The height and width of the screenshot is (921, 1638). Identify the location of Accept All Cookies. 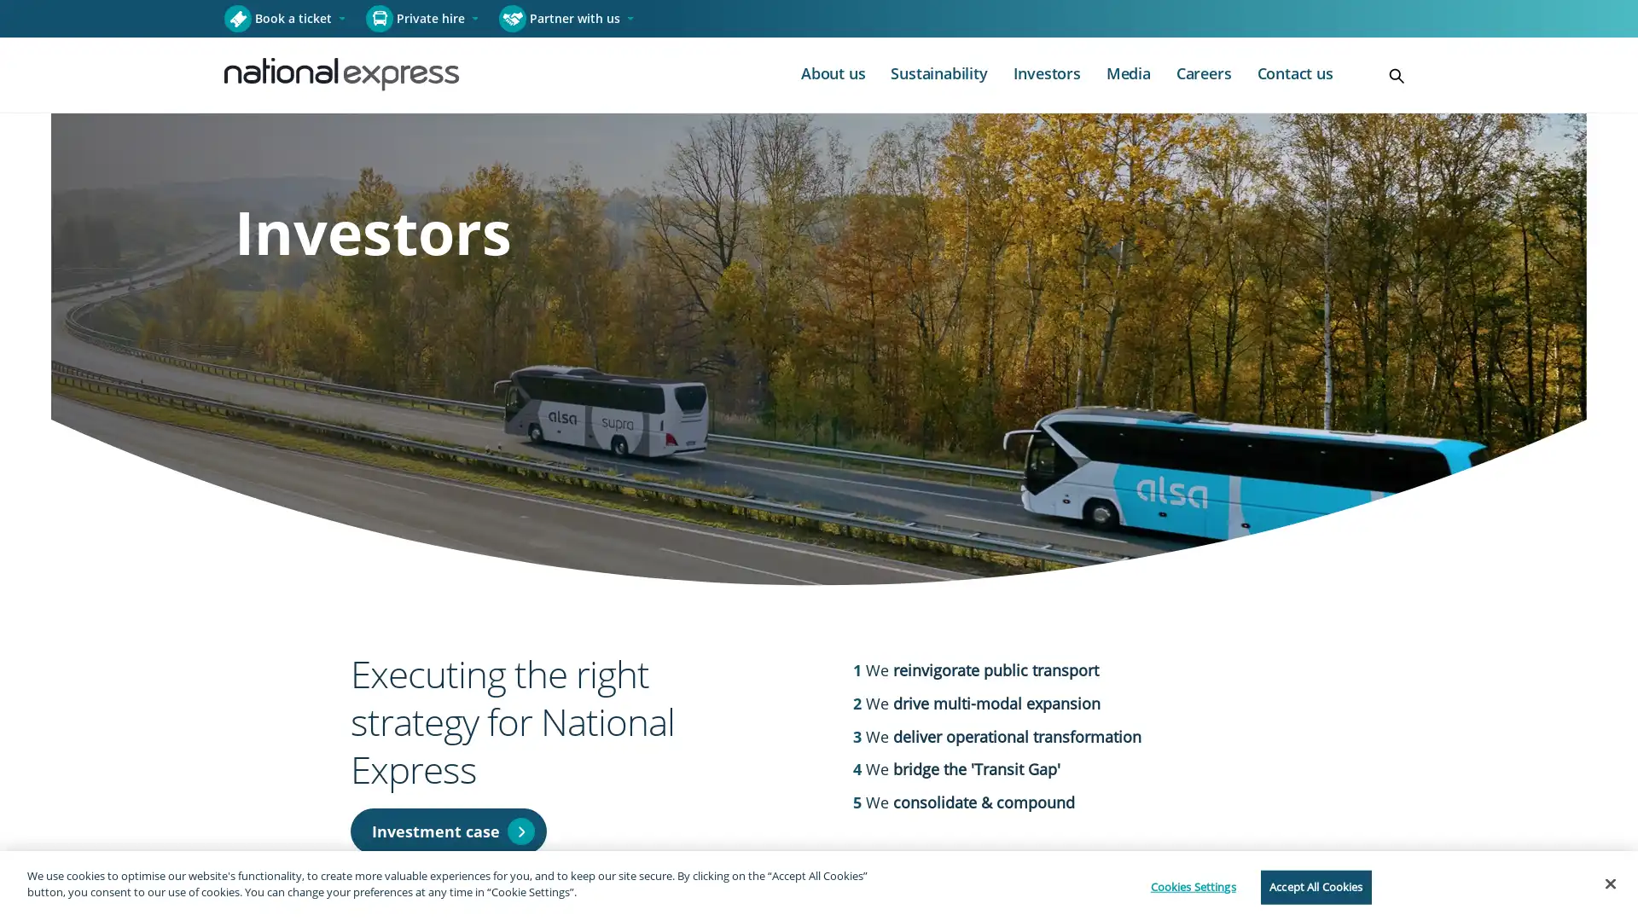
(1315, 886).